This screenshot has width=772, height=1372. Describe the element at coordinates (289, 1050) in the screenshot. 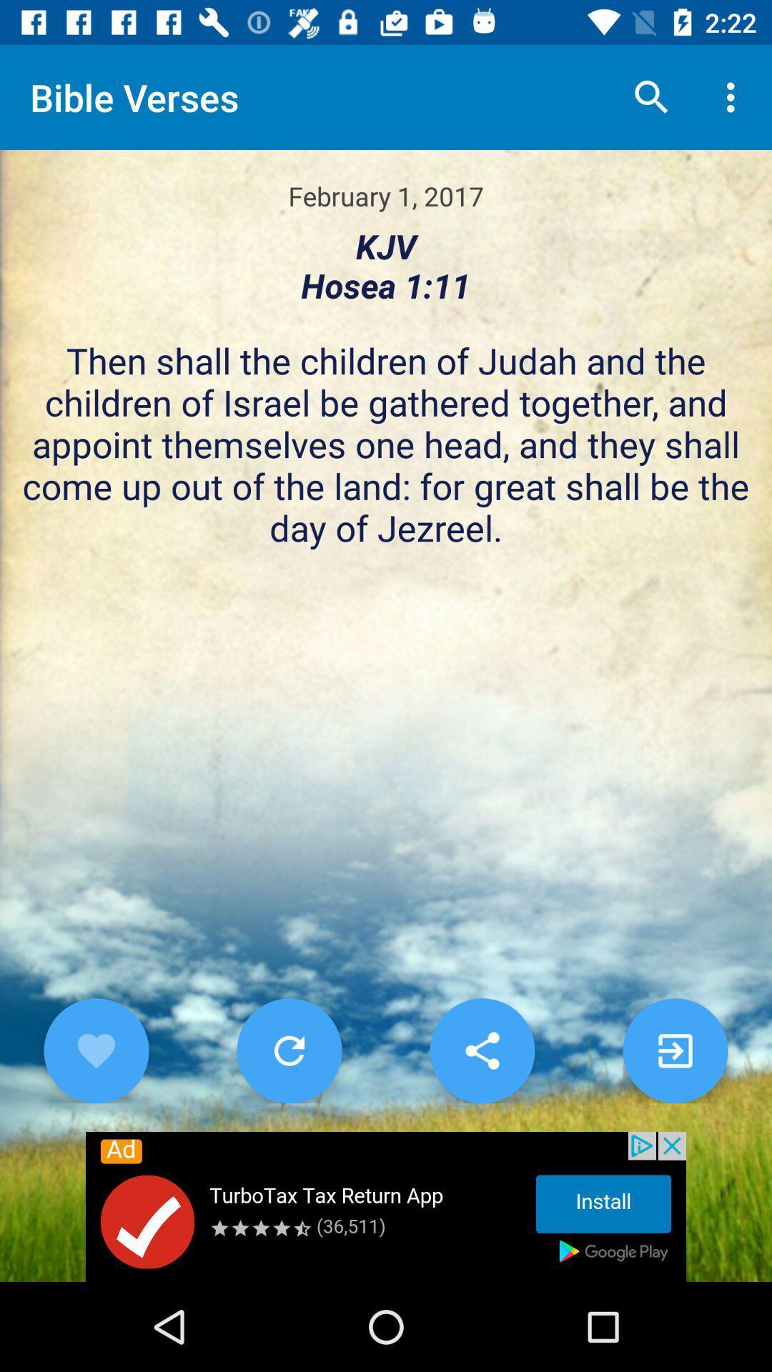

I see `the refresh icon` at that location.